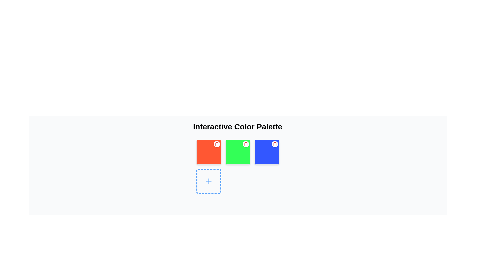  What do you see at coordinates (274, 144) in the screenshot?
I see `the delete button located at the top-right corner of the blue square` at bounding box center [274, 144].